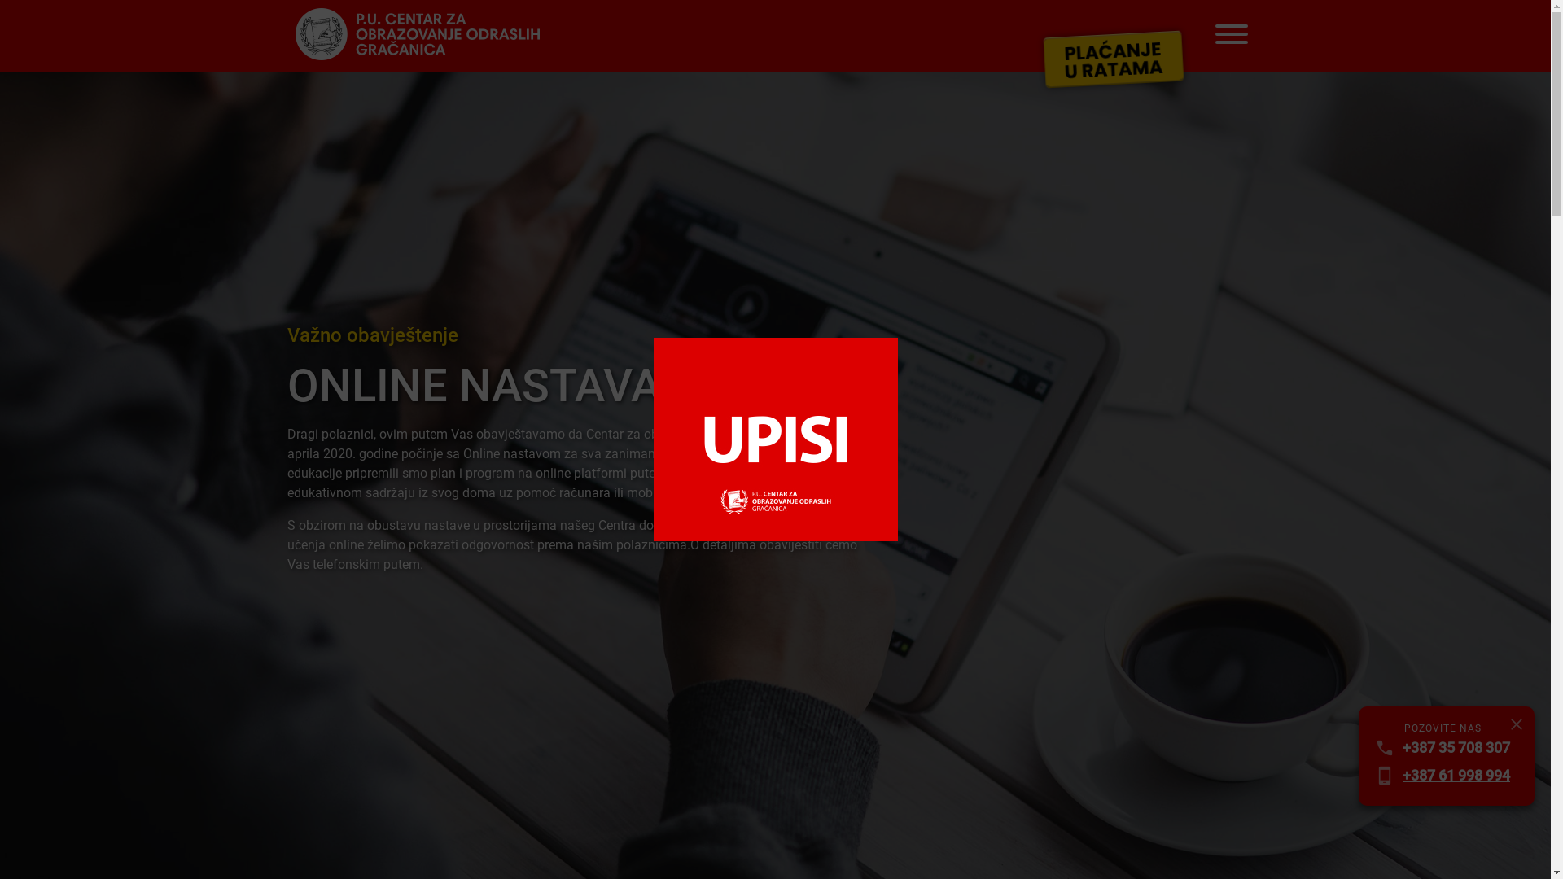 This screenshot has height=879, width=1563. What do you see at coordinates (579, 386) in the screenshot?
I see `'ONLINE NASTAVA'` at bounding box center [579, 386].